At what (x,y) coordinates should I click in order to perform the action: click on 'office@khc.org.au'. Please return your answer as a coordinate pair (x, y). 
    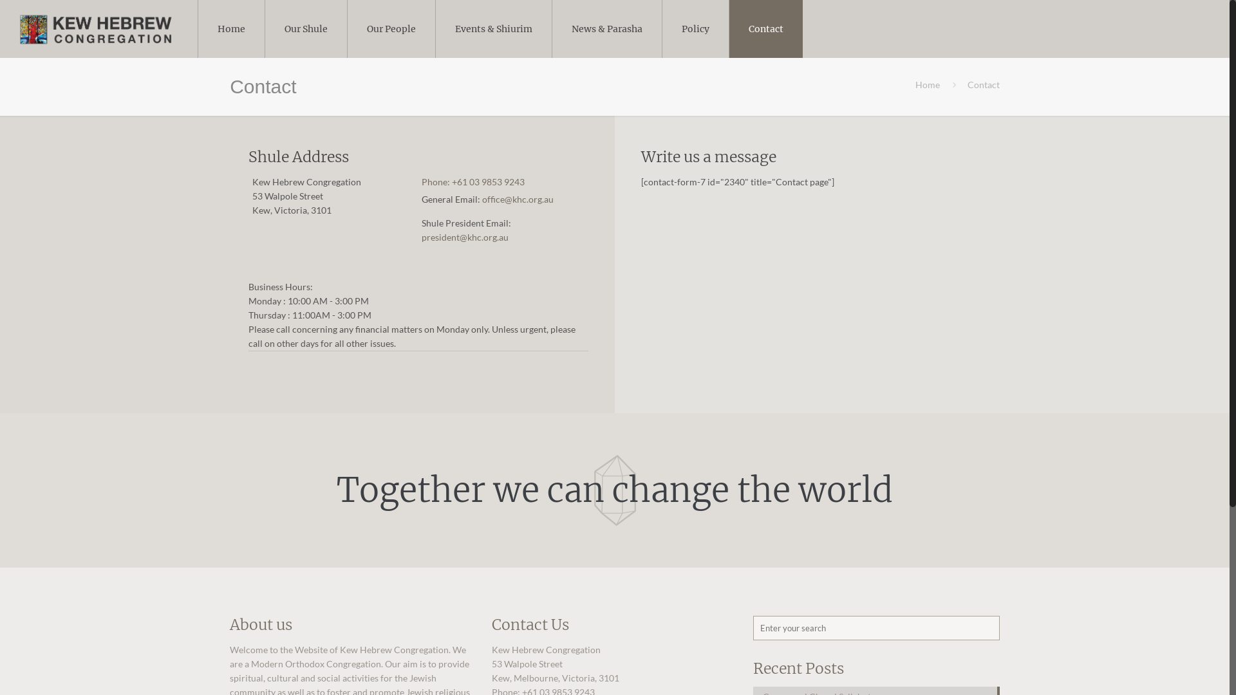
    Looking at the image, I should click on (518, 199).